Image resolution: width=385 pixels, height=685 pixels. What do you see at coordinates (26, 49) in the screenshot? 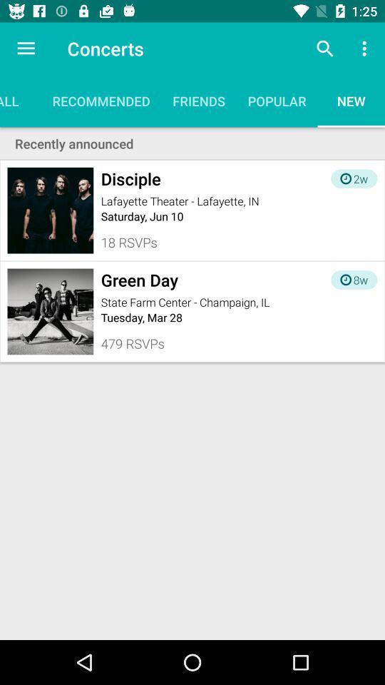
I see `the item to the left of the concerts icon` at bounding box center [26, 49].